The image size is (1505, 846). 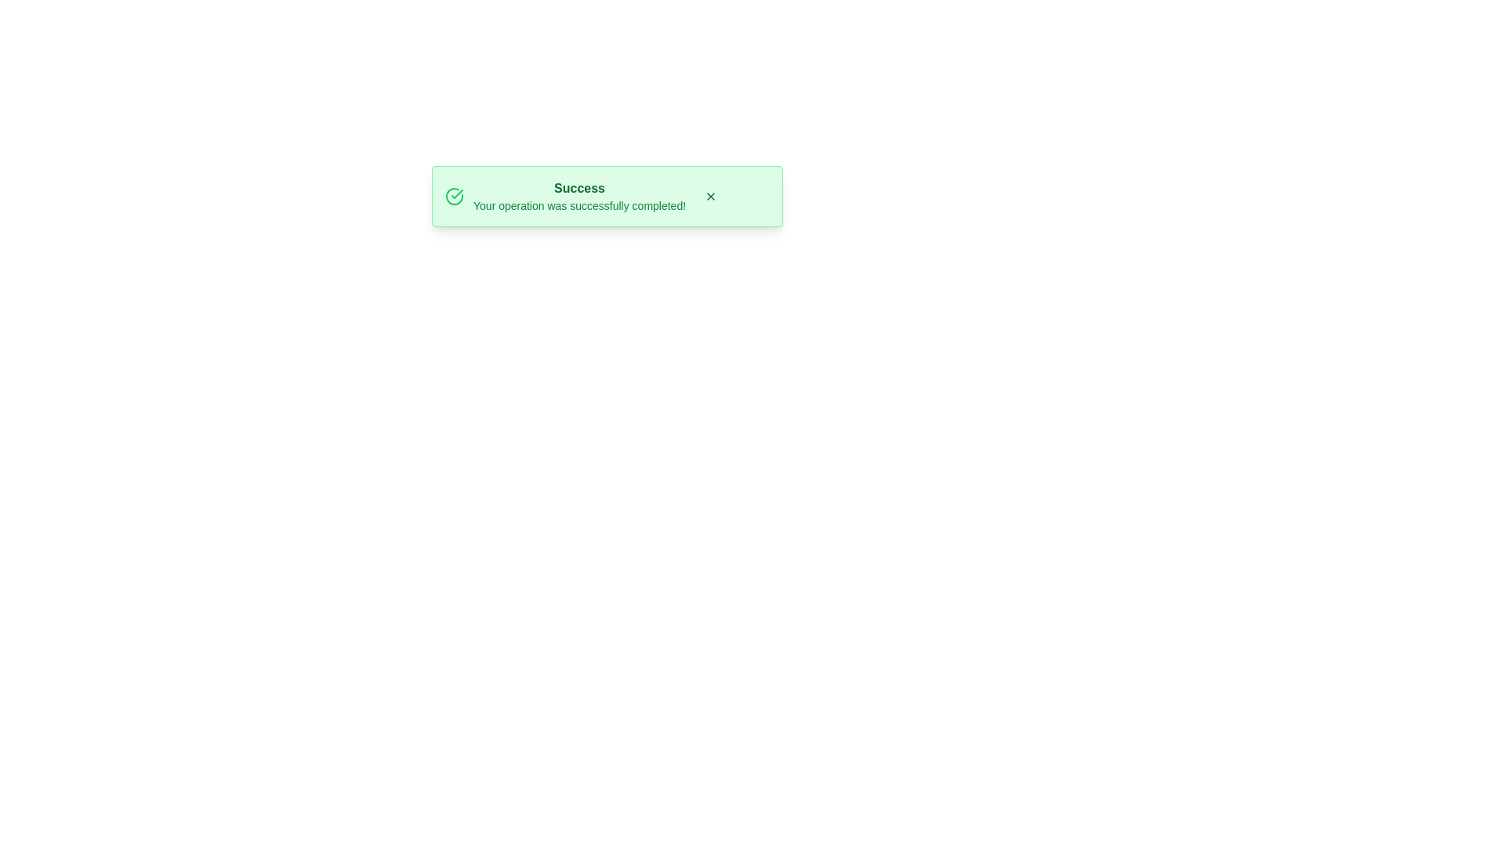 I want to click on the icon in the snackbar, so click(x=454, y=195).